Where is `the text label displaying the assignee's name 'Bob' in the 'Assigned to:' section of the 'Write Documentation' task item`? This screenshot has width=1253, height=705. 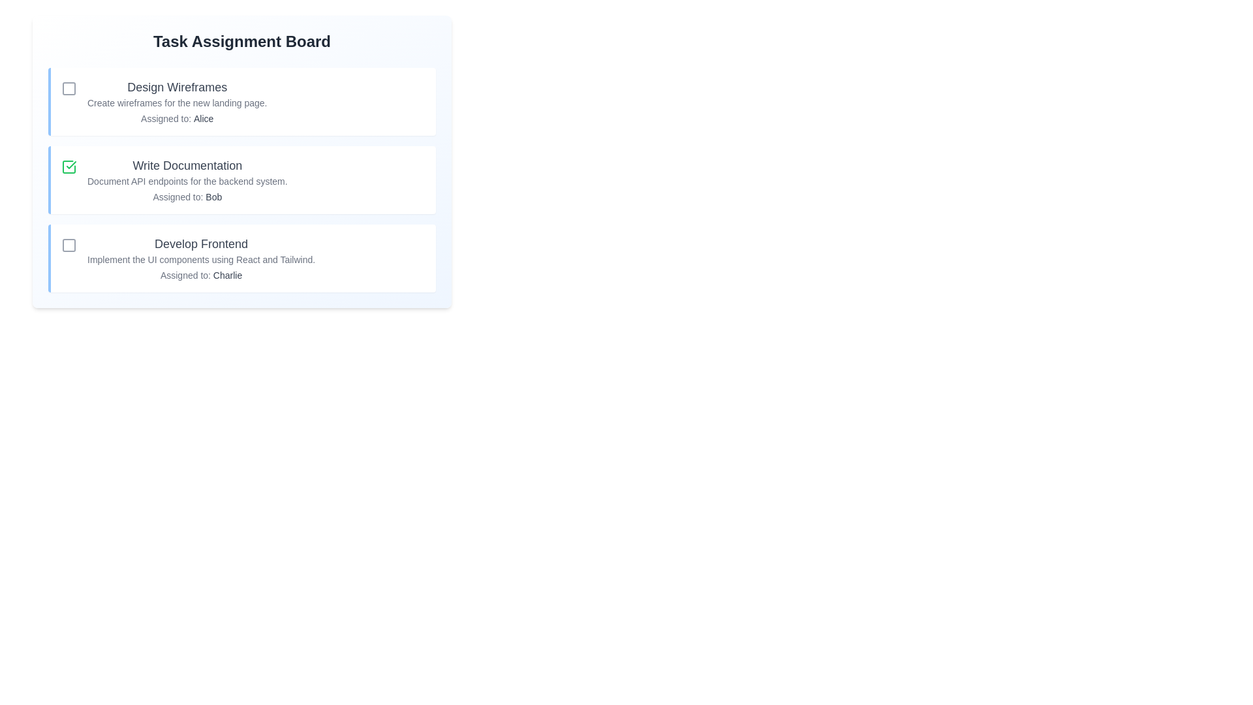
the text label displaying the assignee's name 'Bob' in the 'Assigned to:' section of the 'Write Documentation' task item is located at coordinates (213, 196).